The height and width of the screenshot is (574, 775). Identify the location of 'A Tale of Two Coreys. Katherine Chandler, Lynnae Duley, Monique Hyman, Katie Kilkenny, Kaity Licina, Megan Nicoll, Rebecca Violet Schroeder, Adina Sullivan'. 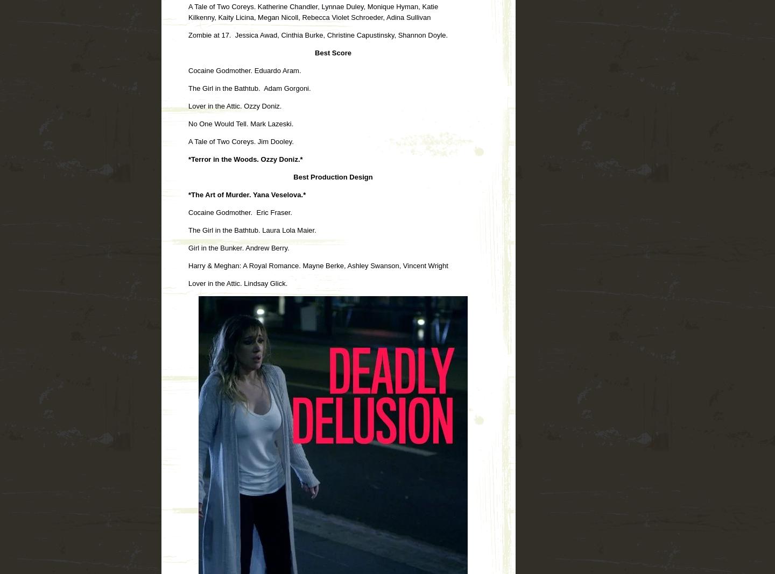
(313, 11).